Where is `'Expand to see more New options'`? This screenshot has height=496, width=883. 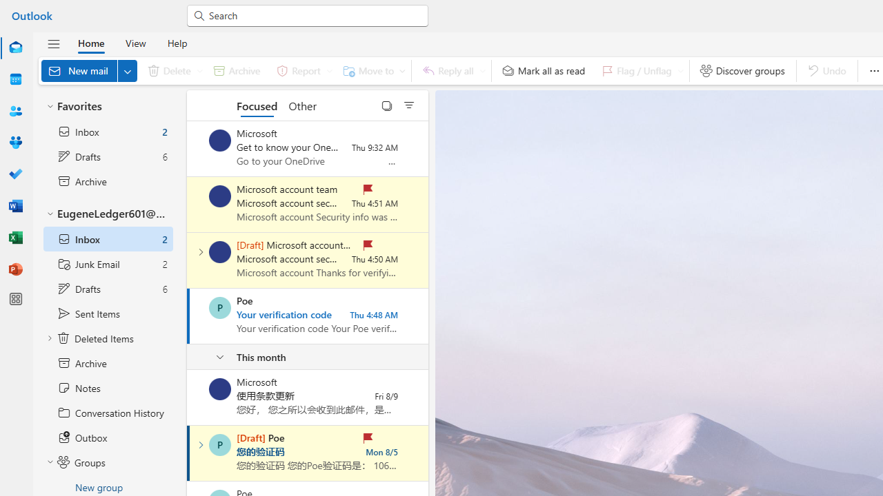 'Expand to see more New options' is located at coordinates (127, 70).